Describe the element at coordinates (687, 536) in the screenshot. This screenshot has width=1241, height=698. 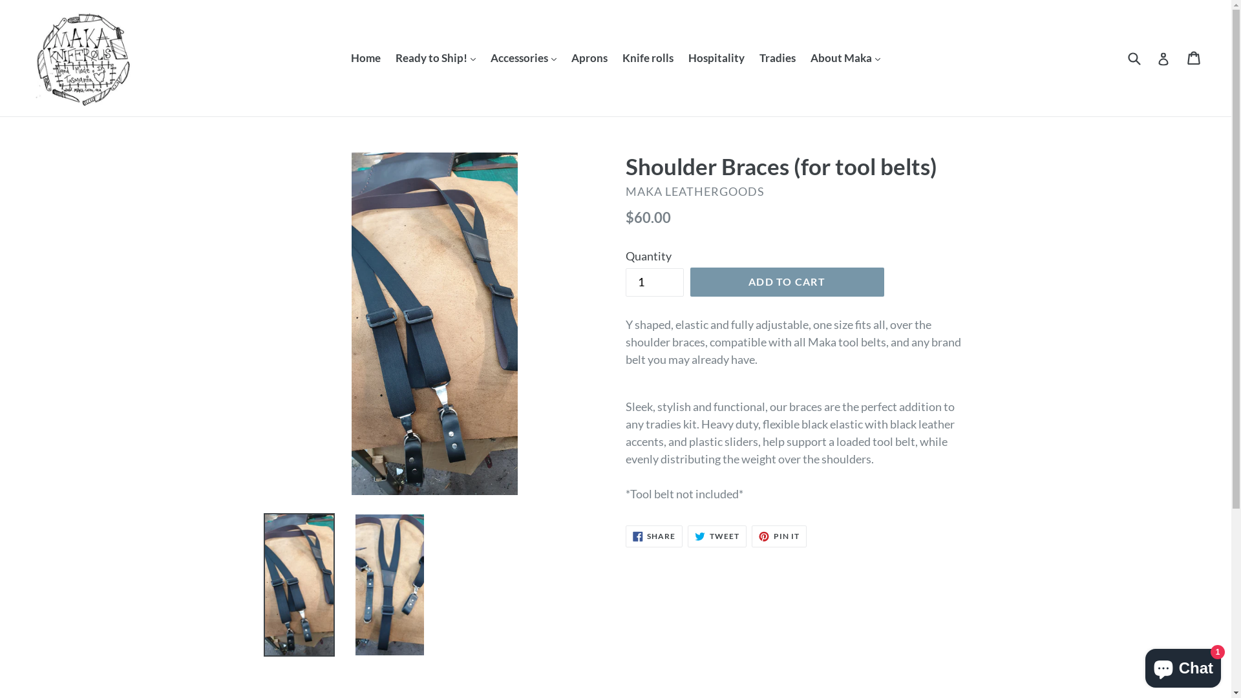
I see `'TWEET` at that location.